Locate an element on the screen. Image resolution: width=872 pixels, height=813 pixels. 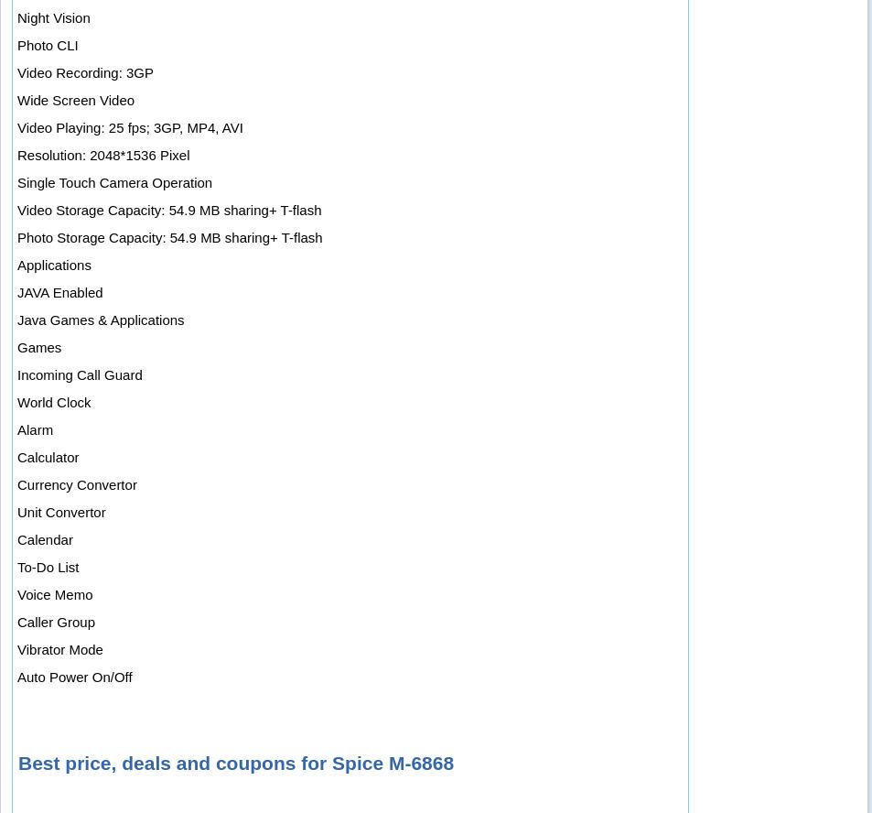
'Resolution: 2048*1536 Pixel' is located at coordinates (102, 154).